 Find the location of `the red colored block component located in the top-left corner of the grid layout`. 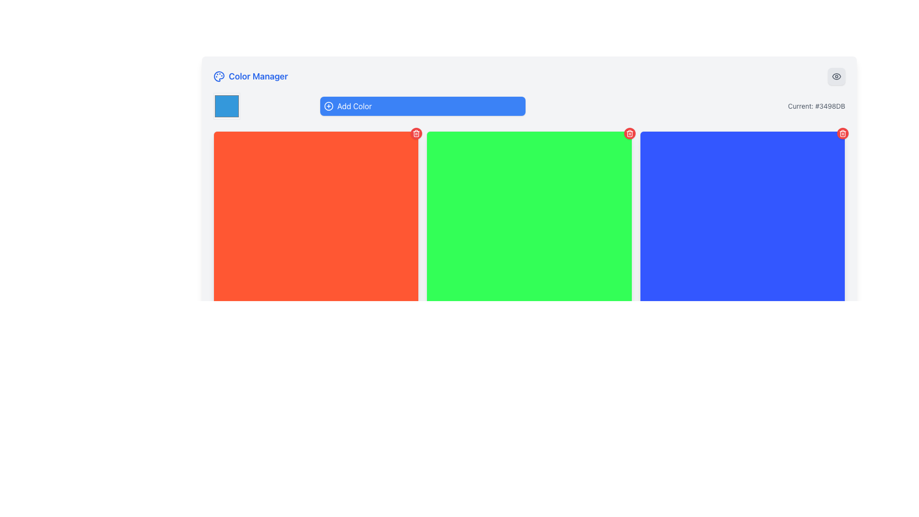

the red colored block component located in the top-left corner of the grid layout is located at coordinates (316, 234).